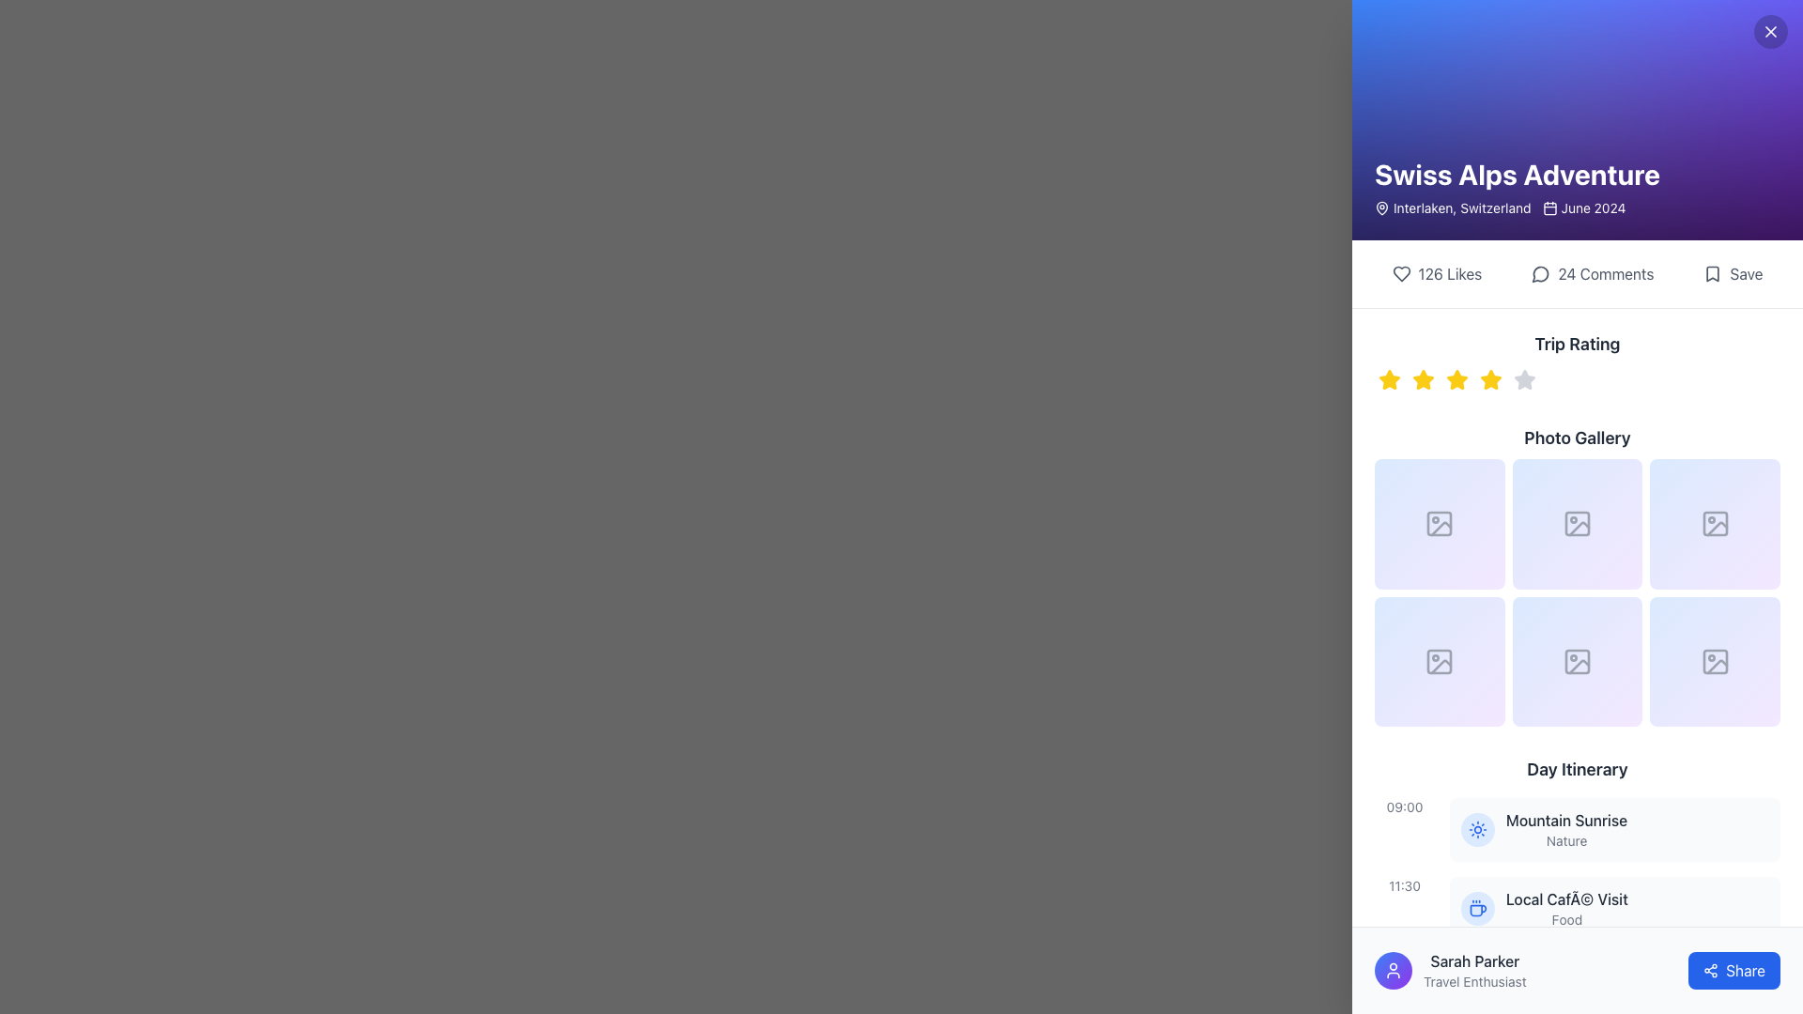  I want to click on the prominent yellow star icon, which is the third in a row of five stars under the 'Trip Rating' title, so click(1456, 380).